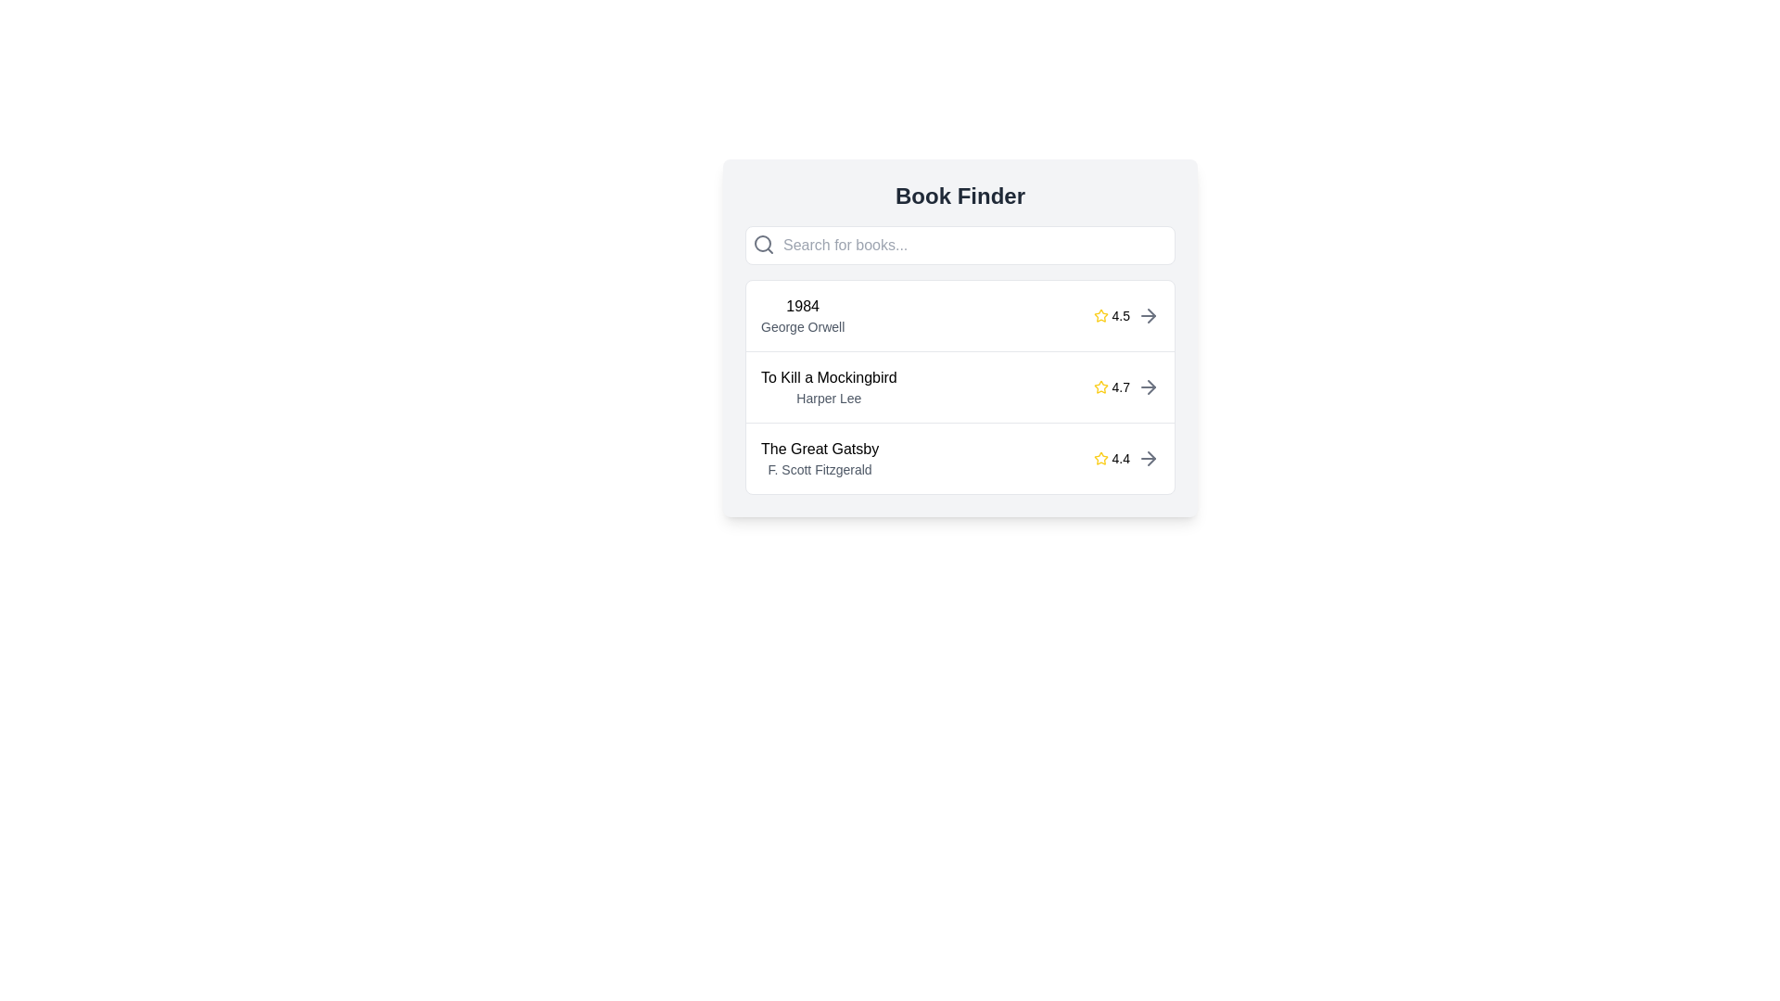  Describe the element at coordinates (819, 450) in the screenshot. I see `the text label that serves as the title of the book, located in the third list item of a vertically stacked selection list, positioned above the author's name 'F. Scott Fitzgerald'` at that location.